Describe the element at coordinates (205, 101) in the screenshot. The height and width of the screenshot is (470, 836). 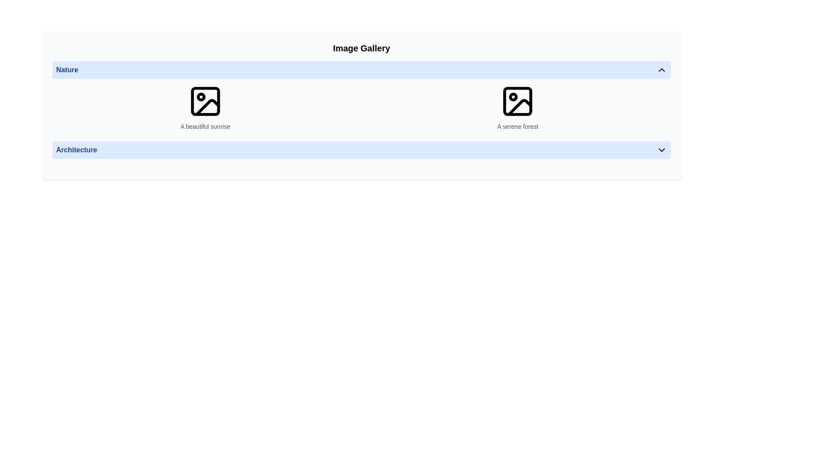
I see `the image or photo placeholder icon in the 'Nature' section of the gallery, positioned above the text 'A beautiful sunrise'` at that location.